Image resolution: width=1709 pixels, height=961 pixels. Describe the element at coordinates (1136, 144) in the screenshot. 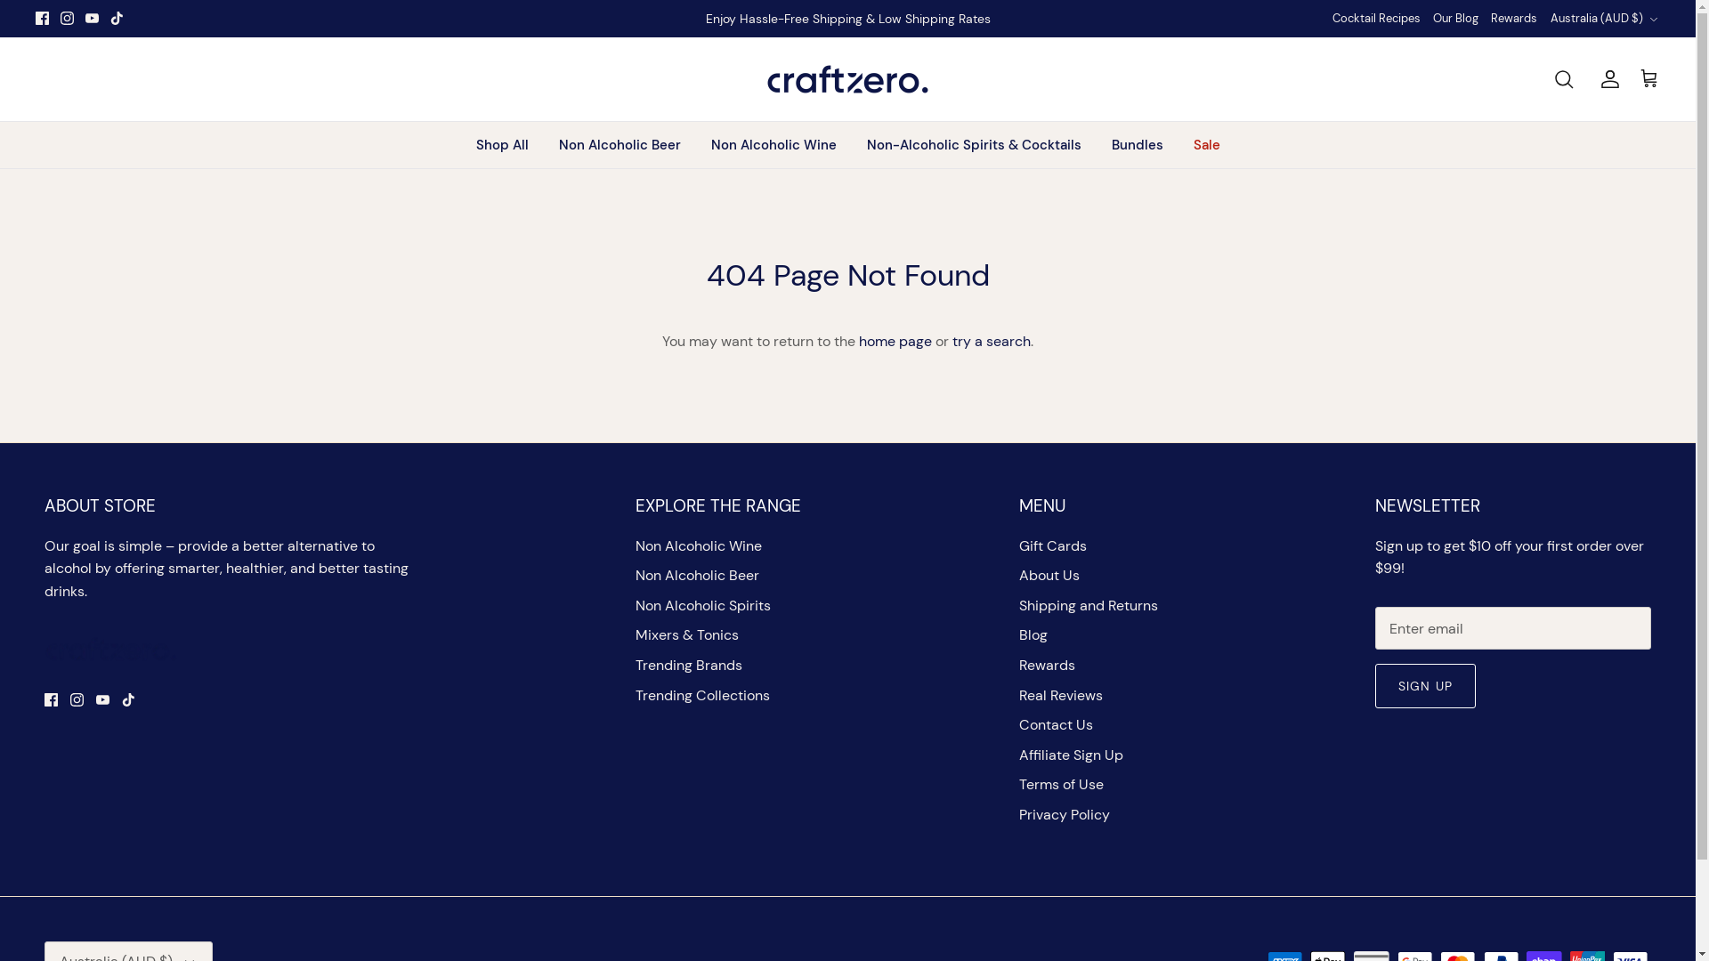

I see `'Bundles'` at that location.